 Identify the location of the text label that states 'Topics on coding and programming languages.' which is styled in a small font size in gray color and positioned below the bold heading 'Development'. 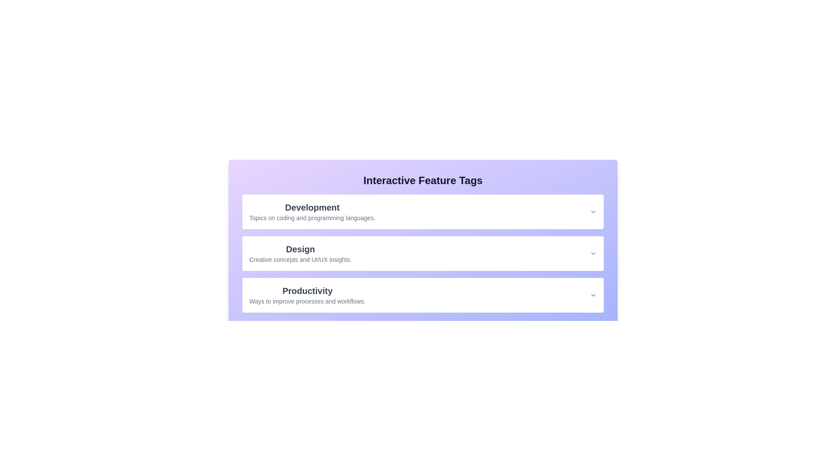
(312, 217).